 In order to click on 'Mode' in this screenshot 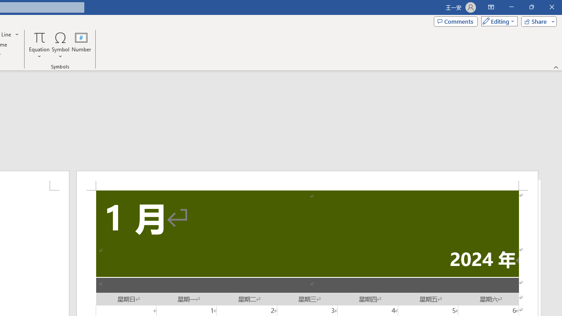, I will do `click(497, 21)`.